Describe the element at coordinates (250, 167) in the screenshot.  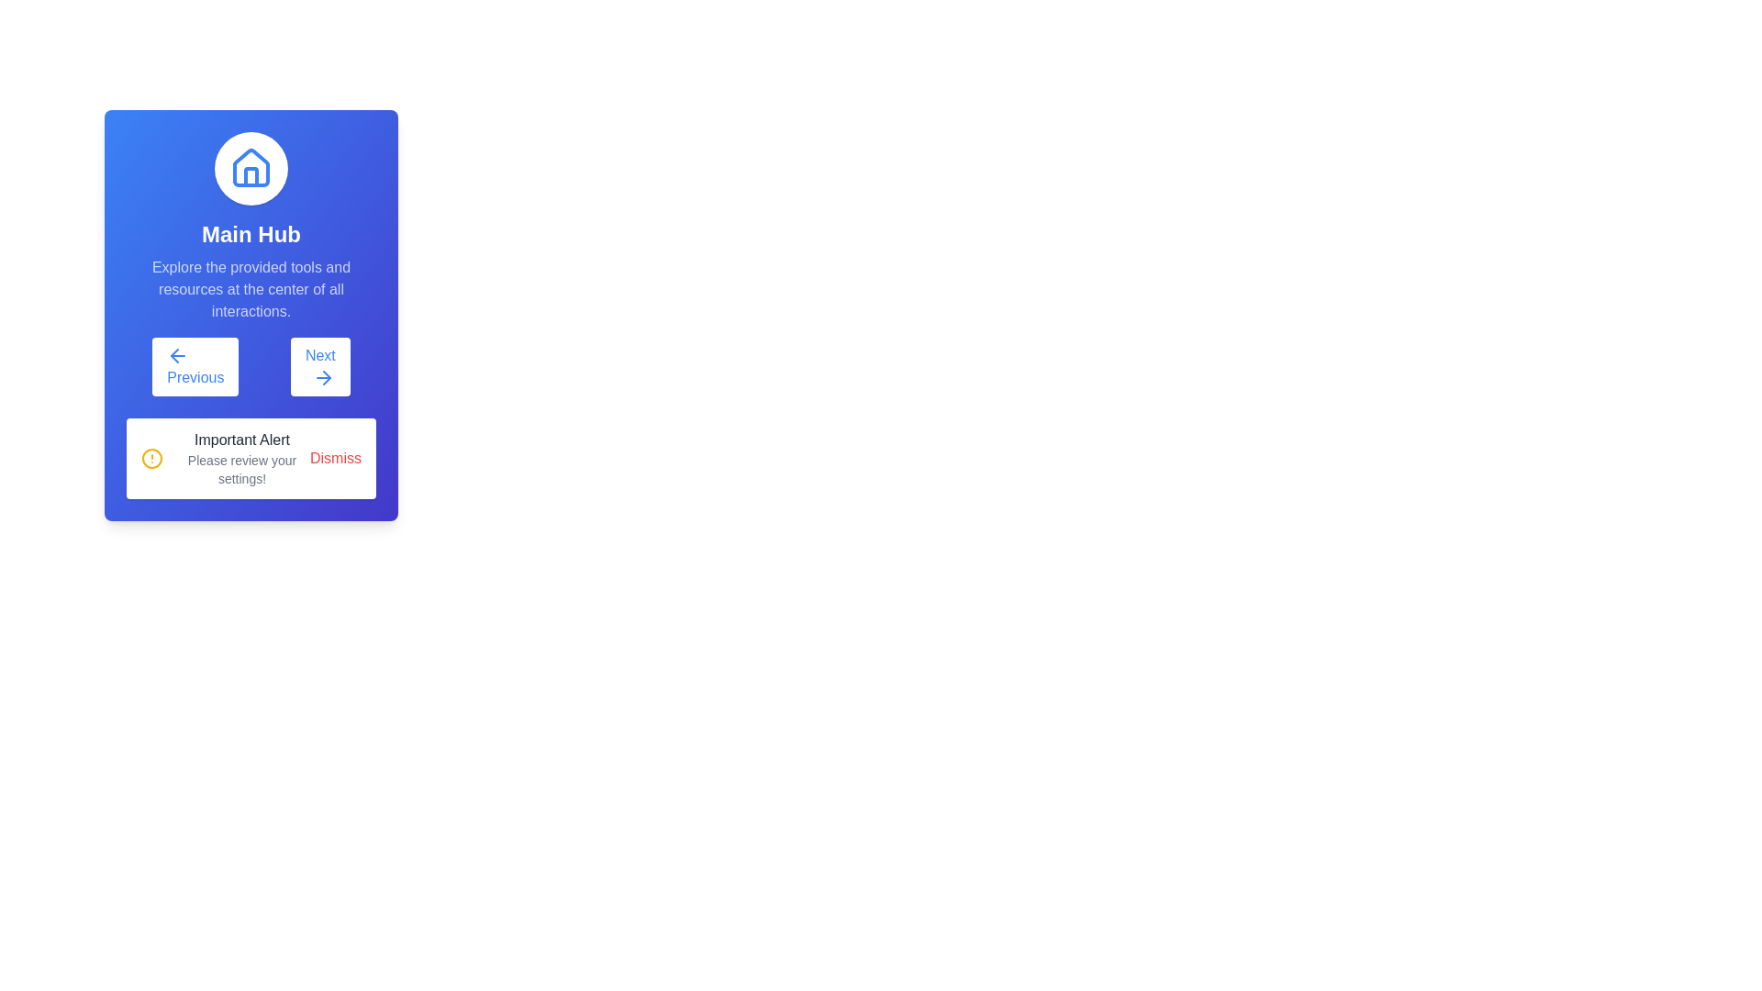
I see `the home icon located at the top center of the card interface, which visually represents the concept of a 'home' or primary hub, above the text 'Main Hub'` at that location.